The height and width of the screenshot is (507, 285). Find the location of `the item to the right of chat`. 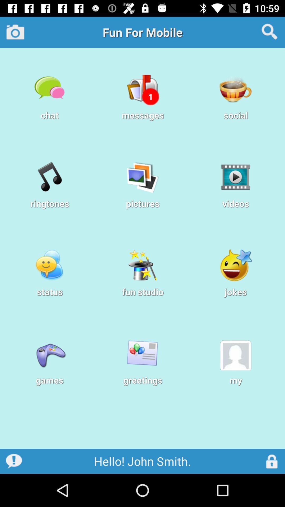

the item to the right of chat is located at coordinates (150, 96).